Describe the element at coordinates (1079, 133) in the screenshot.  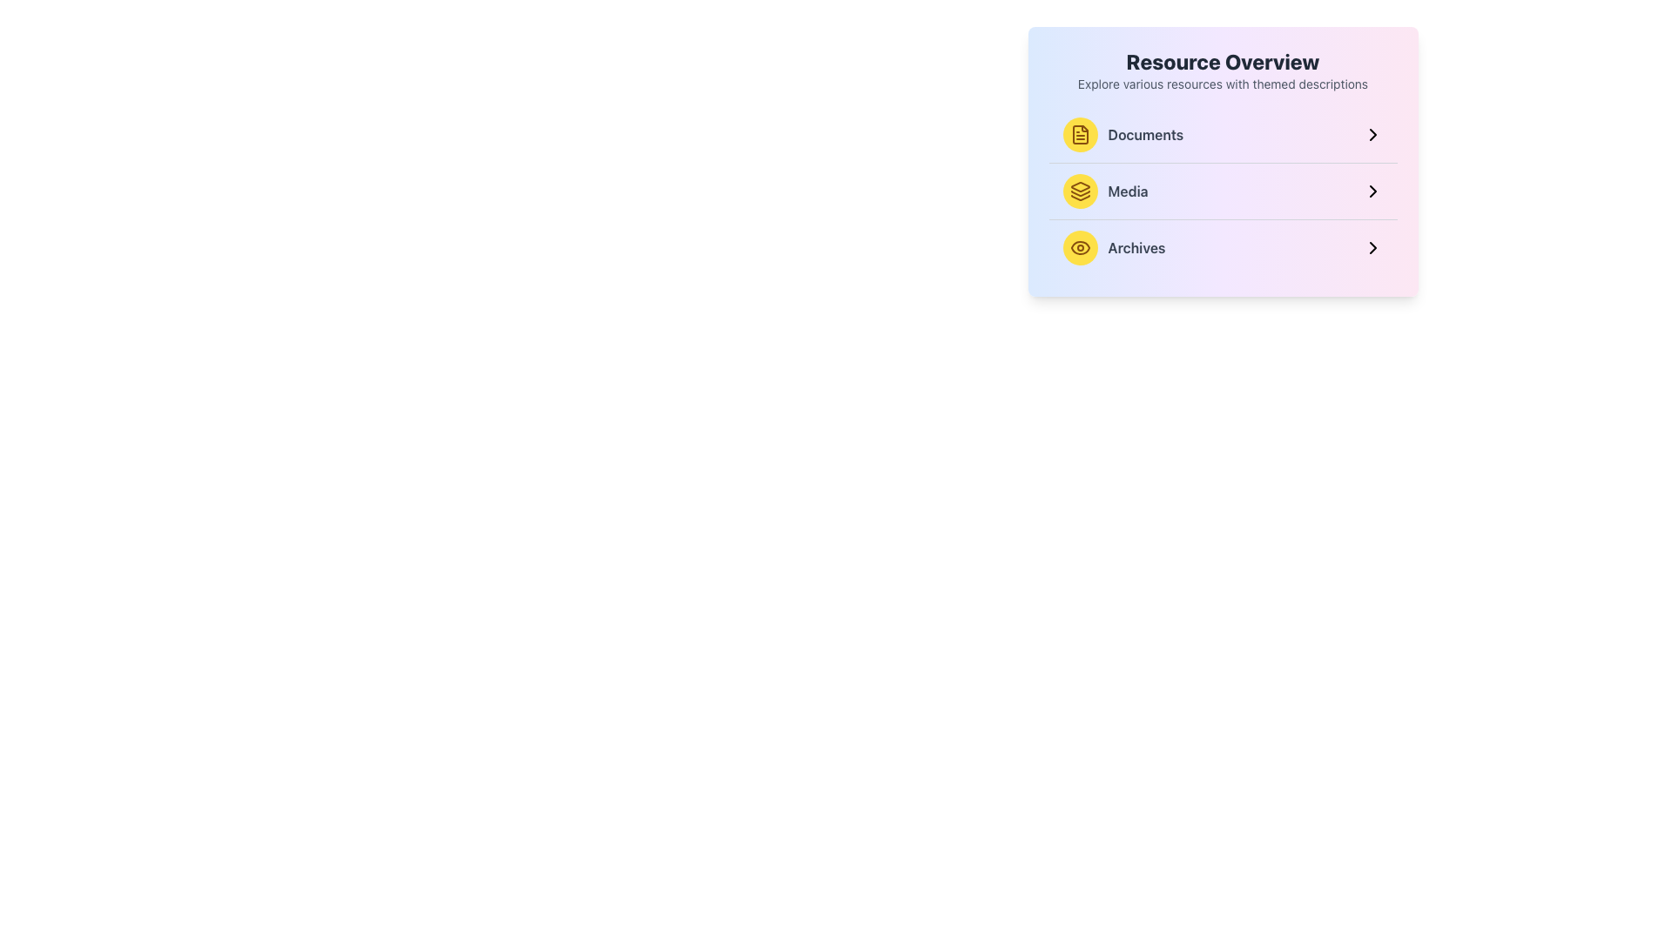
I see `the 'Documents' icon, which is the first item in a vertical list, located to the left of the text 'Documents' and an arrow icon` at that location.